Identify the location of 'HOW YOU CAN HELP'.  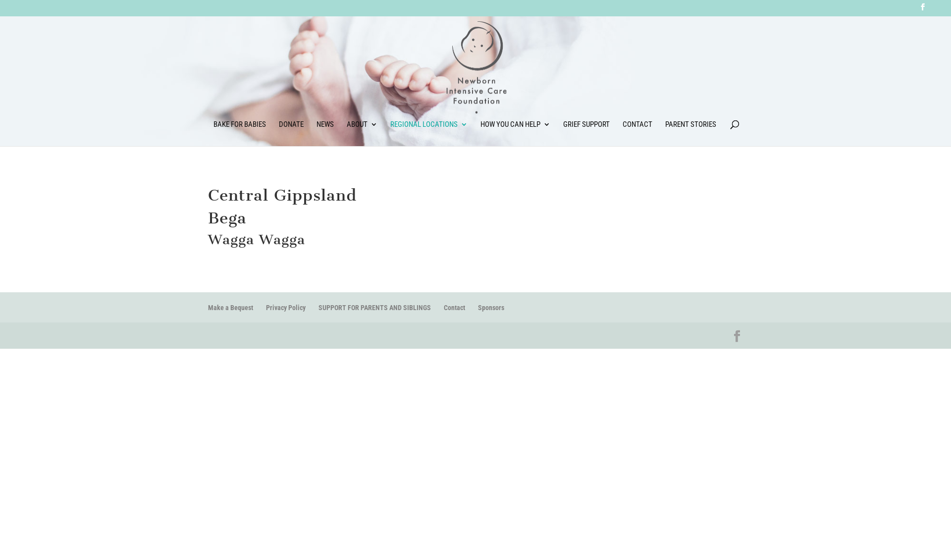
(480, 133).